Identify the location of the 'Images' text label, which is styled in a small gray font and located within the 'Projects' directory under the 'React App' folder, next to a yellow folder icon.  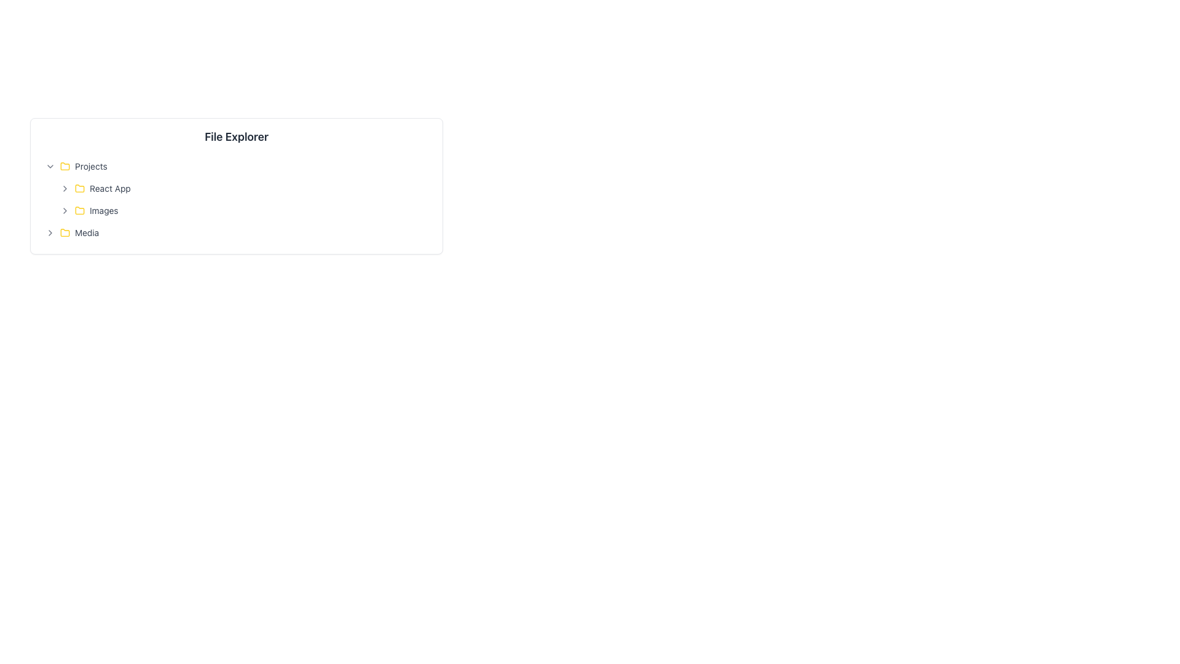
(104, 210).